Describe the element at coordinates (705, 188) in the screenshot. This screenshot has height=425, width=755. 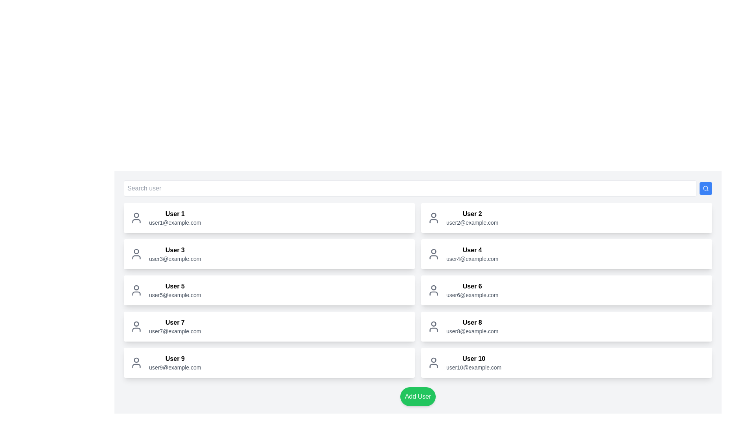
I see `the lens part of the magnifying glass icon located at the top-right corner of the search field, which symbolizes search functionality` at that location.